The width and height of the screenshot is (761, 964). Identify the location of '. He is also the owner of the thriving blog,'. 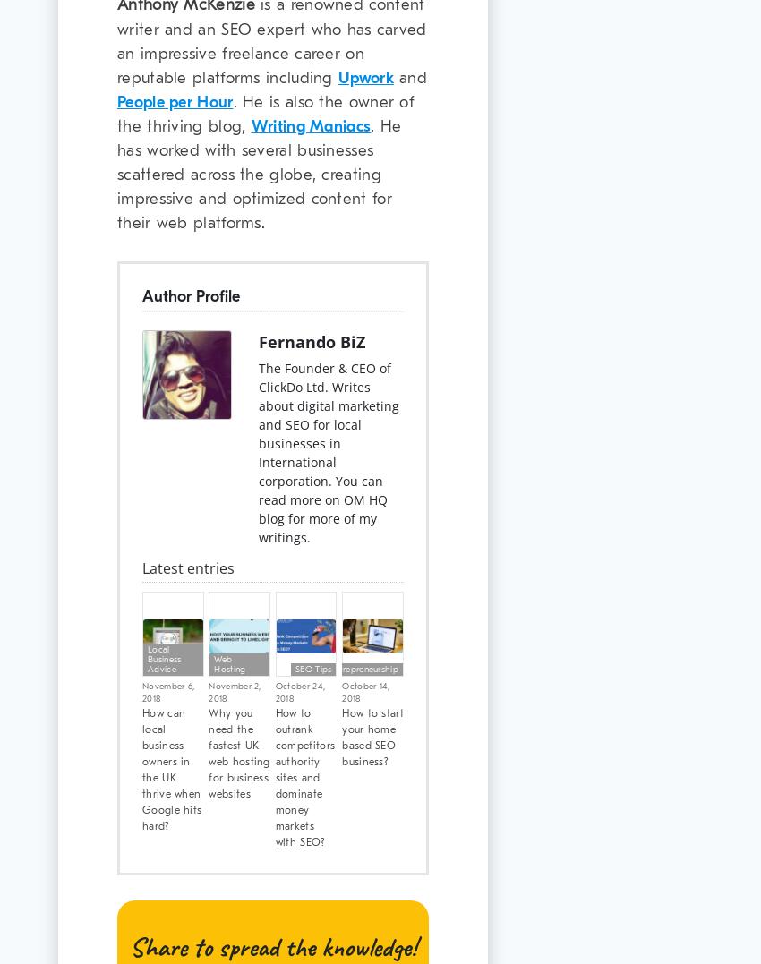
(264, 114).